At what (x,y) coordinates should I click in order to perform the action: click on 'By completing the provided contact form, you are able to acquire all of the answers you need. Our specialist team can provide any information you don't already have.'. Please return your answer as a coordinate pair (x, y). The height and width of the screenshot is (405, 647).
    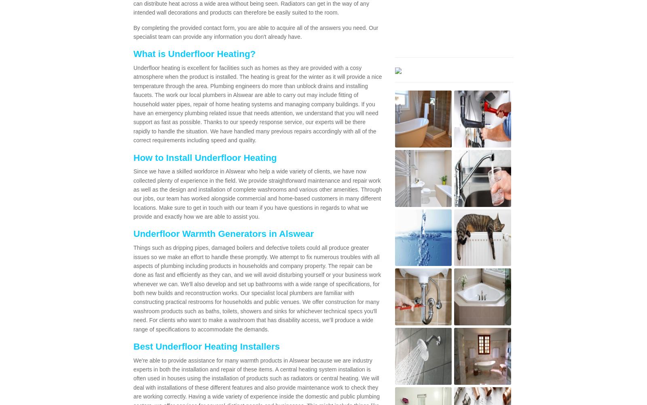
    Looking at the image, I should click on (256, 32).